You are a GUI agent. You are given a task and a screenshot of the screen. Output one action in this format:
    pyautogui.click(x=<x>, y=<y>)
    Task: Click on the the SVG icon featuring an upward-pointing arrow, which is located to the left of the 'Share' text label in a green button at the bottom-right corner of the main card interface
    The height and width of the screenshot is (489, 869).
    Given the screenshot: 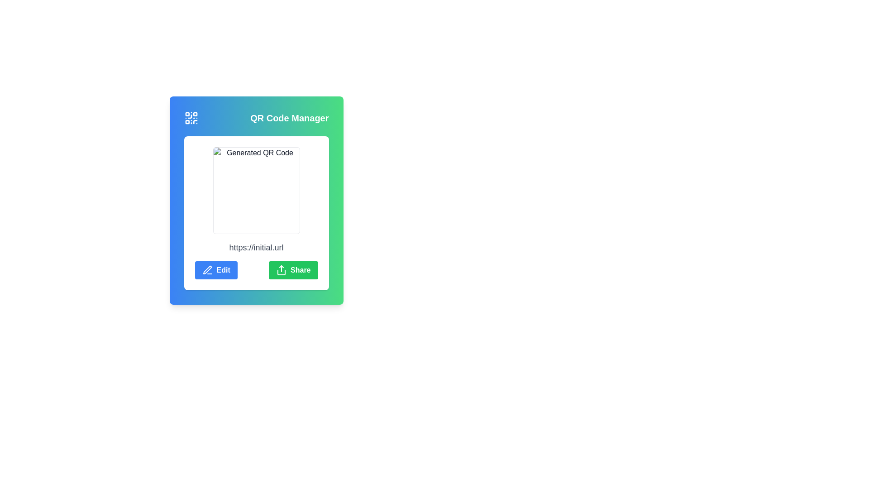 What is the action you would take?
    pyautogui.click(x=281, y=270)
    